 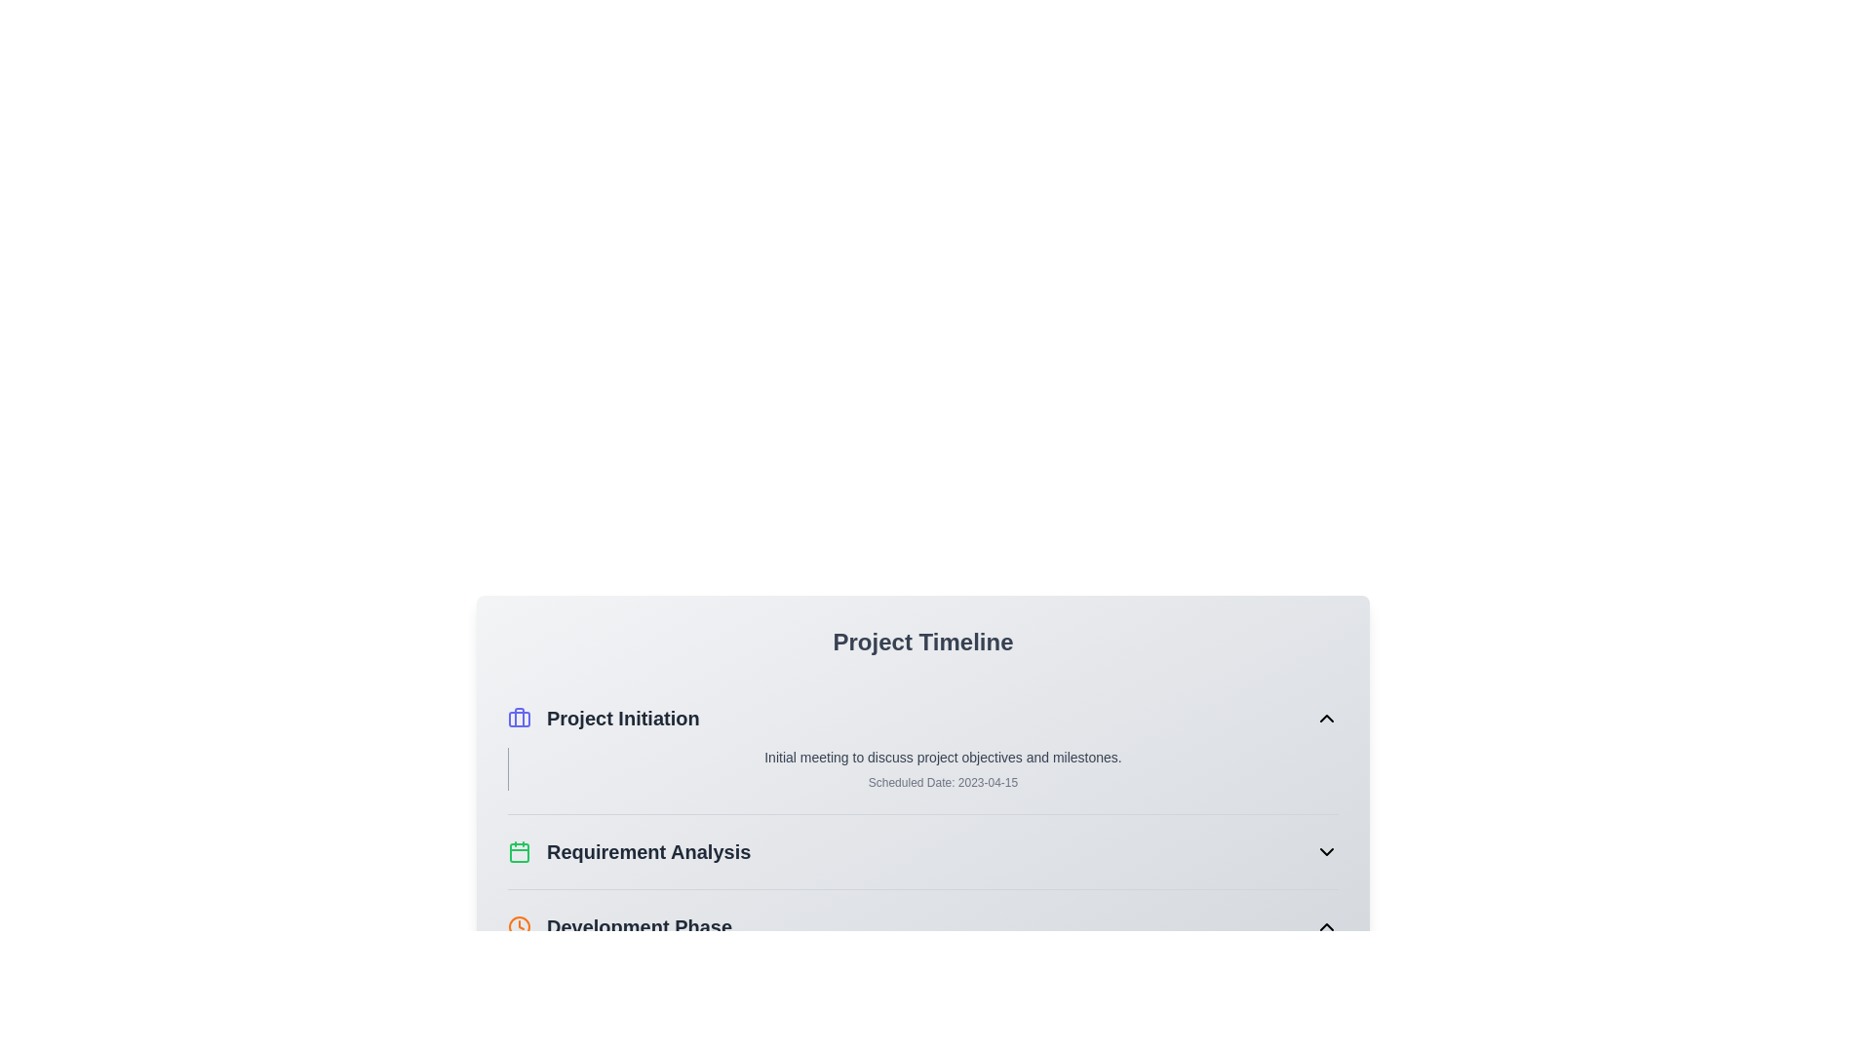 What do you see at coordinates (519, 926) in the screenshot?
I see `the circular graphical icon representing a clock face, which has an orange color and is part of a minimalistic icon style, located in the detailed timeline interface near the 'Development Phase' label` at bounding box center [519, 926].